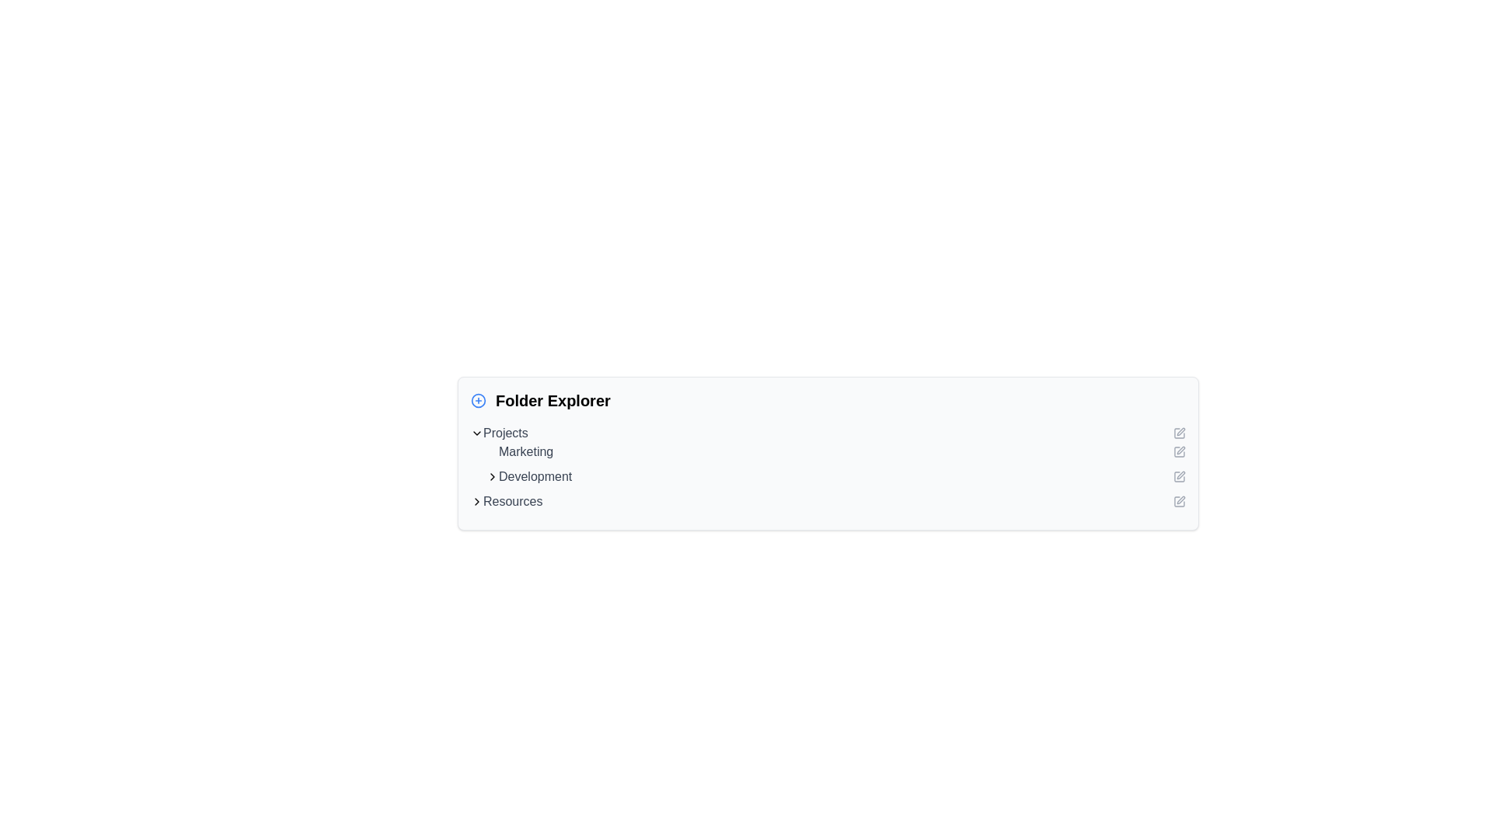  Describe the element at coordinates (1179, 433) in the screenshot. I see `the edit icon button located to the far right of the 'Projects' text area` at that location.